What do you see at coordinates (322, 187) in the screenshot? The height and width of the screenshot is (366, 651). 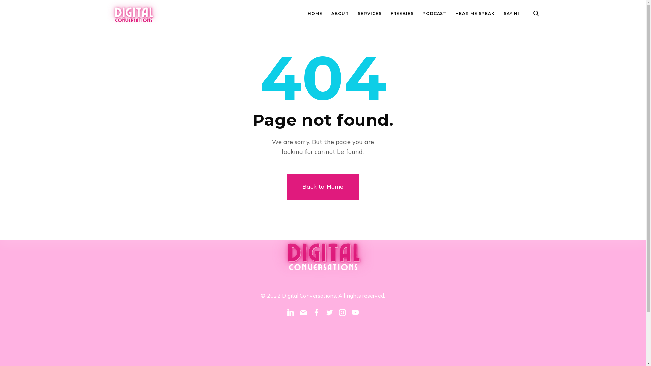 I see `'Back to Home'` at bounding box center [322, 187].